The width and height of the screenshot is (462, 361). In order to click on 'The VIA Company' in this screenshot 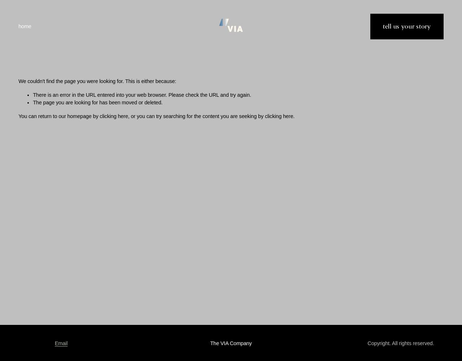, I will do `click(230, 343)`.